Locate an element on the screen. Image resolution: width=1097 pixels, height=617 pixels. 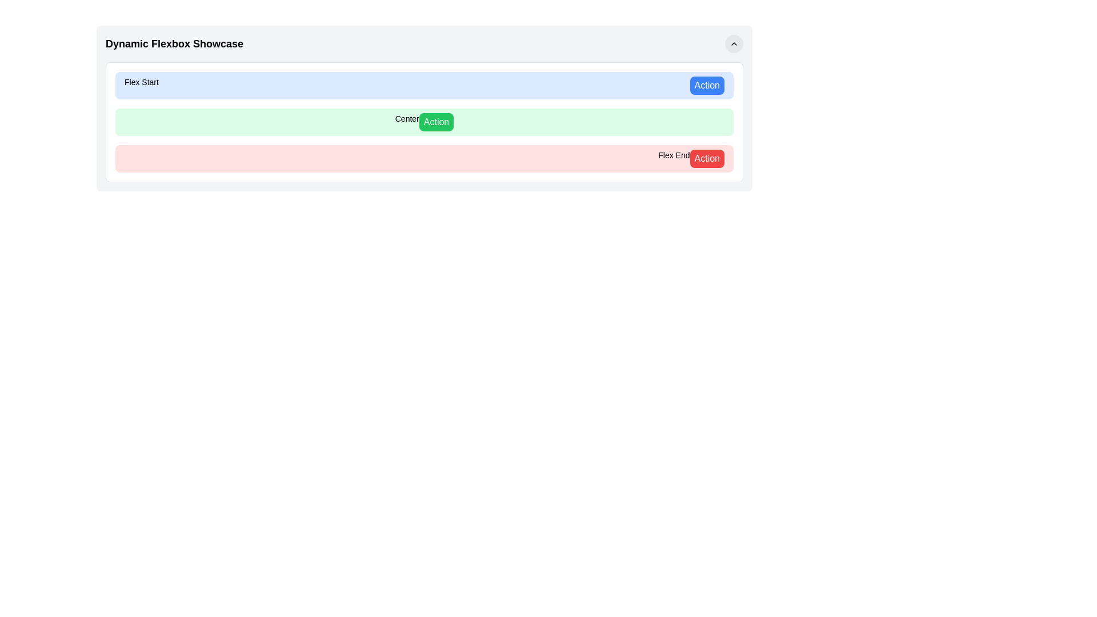
the button with rounded corners and a red background that contains the white text 'Action' to observe a styling change is located at coordinates (706, 158).